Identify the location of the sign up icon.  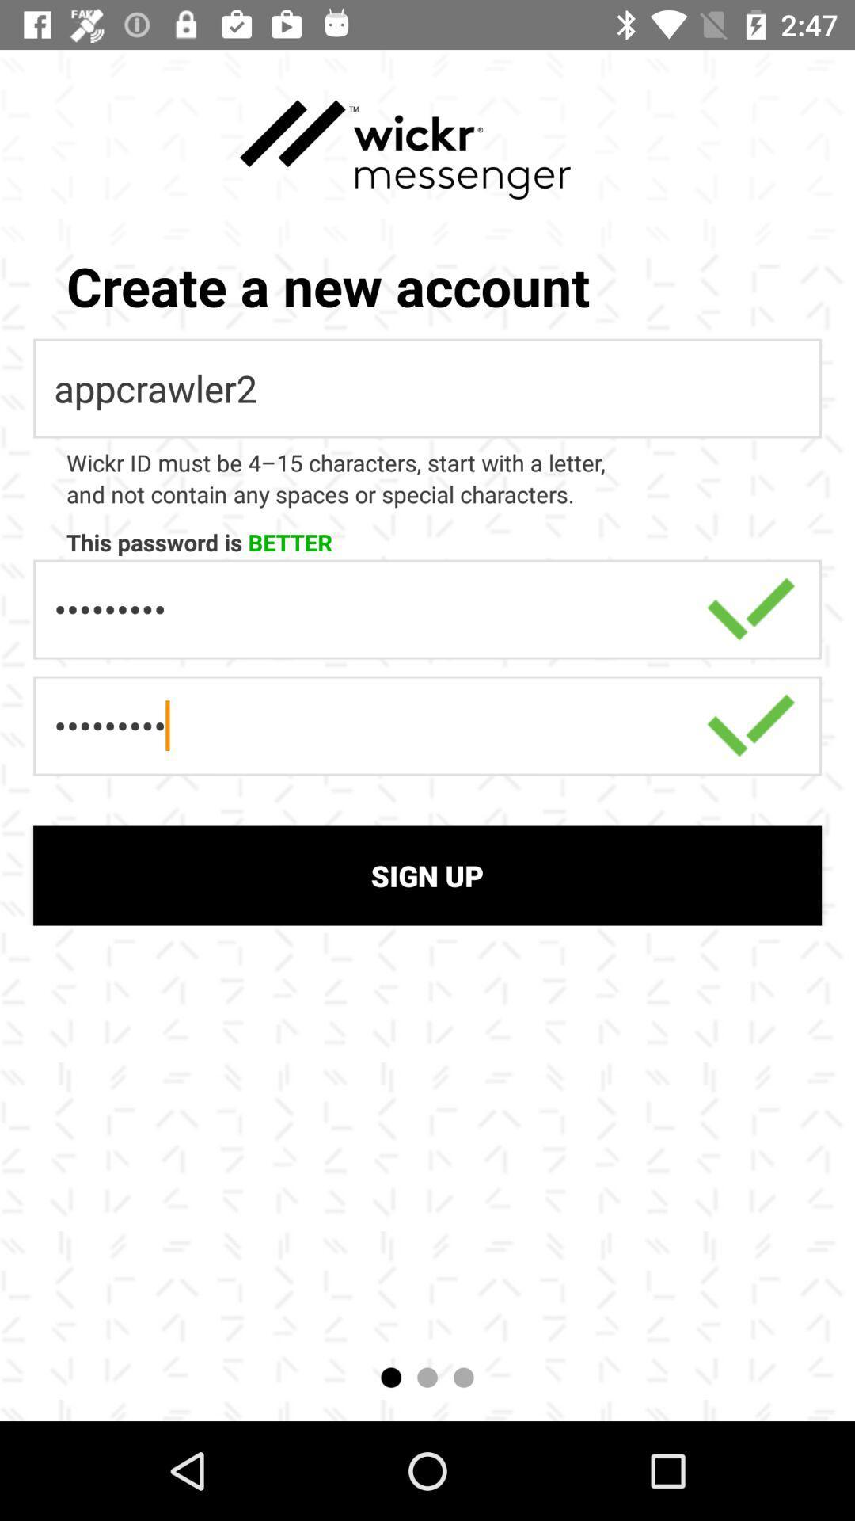
(427, 875).